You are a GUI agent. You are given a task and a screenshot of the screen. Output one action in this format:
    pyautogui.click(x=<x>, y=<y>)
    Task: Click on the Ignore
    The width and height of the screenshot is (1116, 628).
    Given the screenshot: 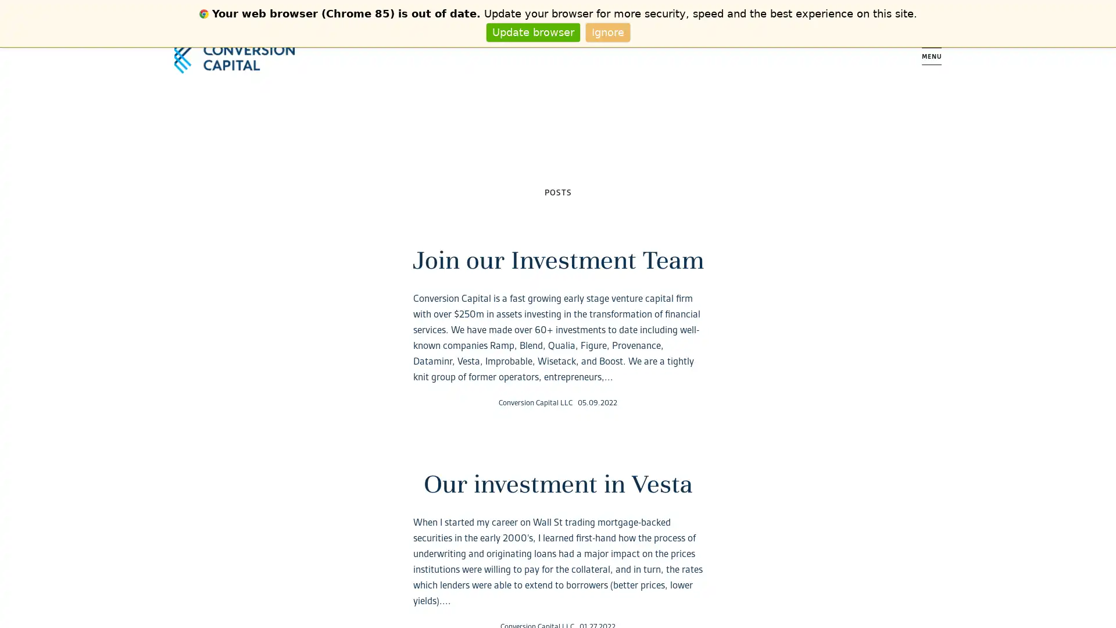 What is the action you would take?
    pyautogui.click(x=607, y=31)
    